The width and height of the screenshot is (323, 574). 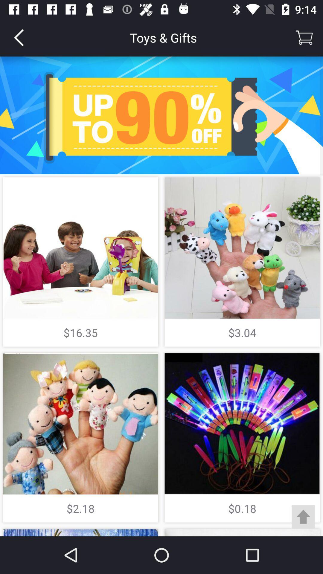 What do you see at coordinates (303, 516) in the screenshot?
I see `item to the right of $2.18` at bounding box center [303, 516].